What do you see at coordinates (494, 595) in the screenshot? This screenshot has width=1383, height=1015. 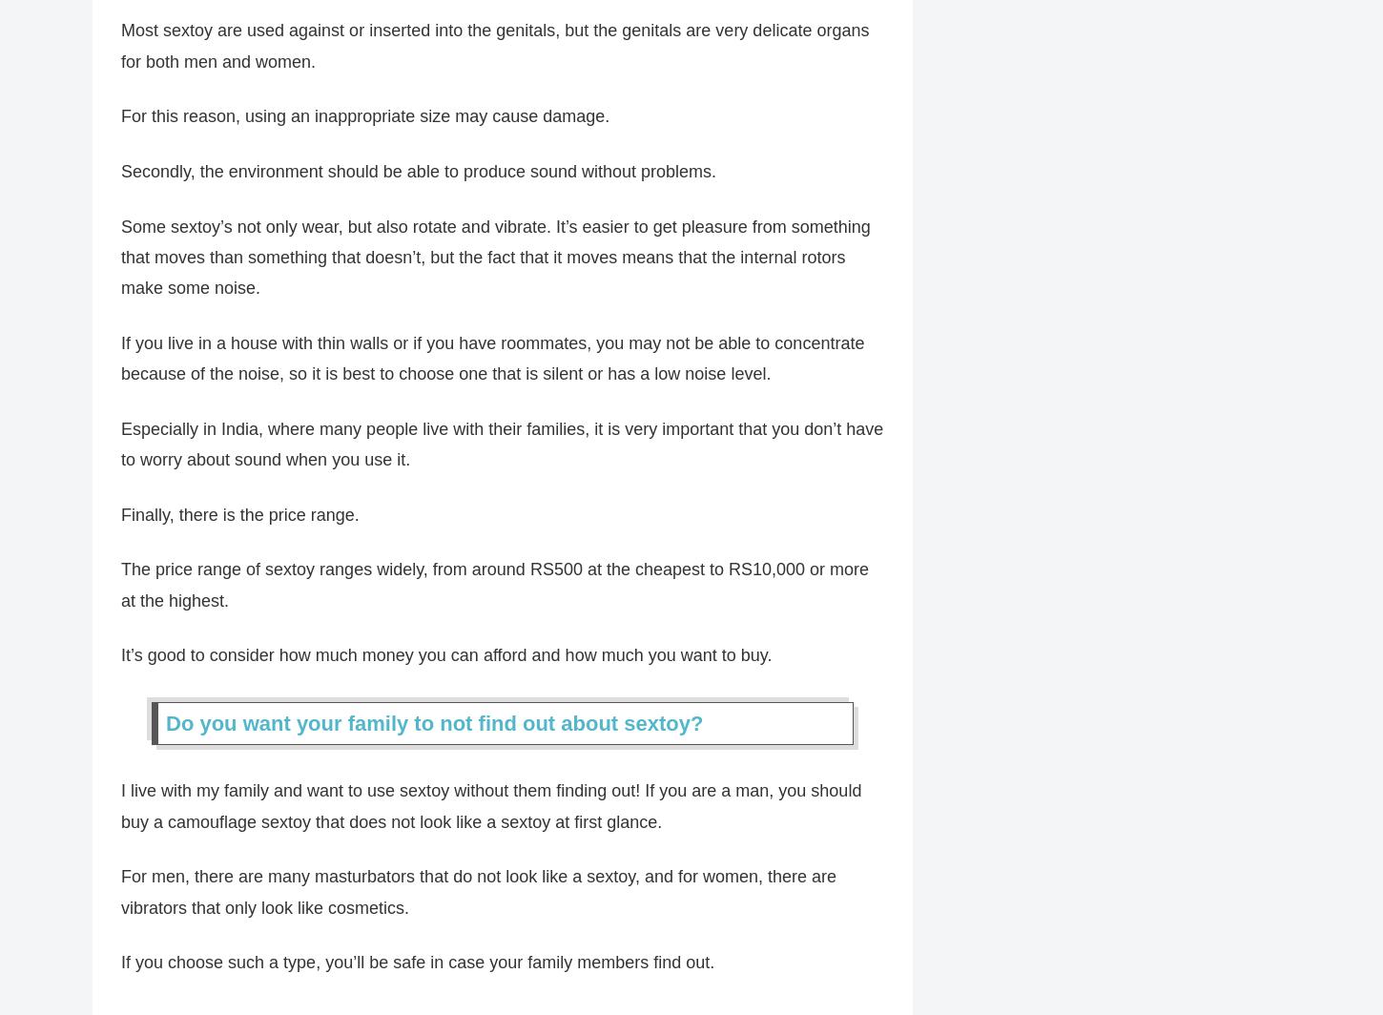 I see `'The price range of sextoy ranges widely, from around RS500 at the cheapest to RS10,000 or more at the highest.'` at bounding box center [494, 595].